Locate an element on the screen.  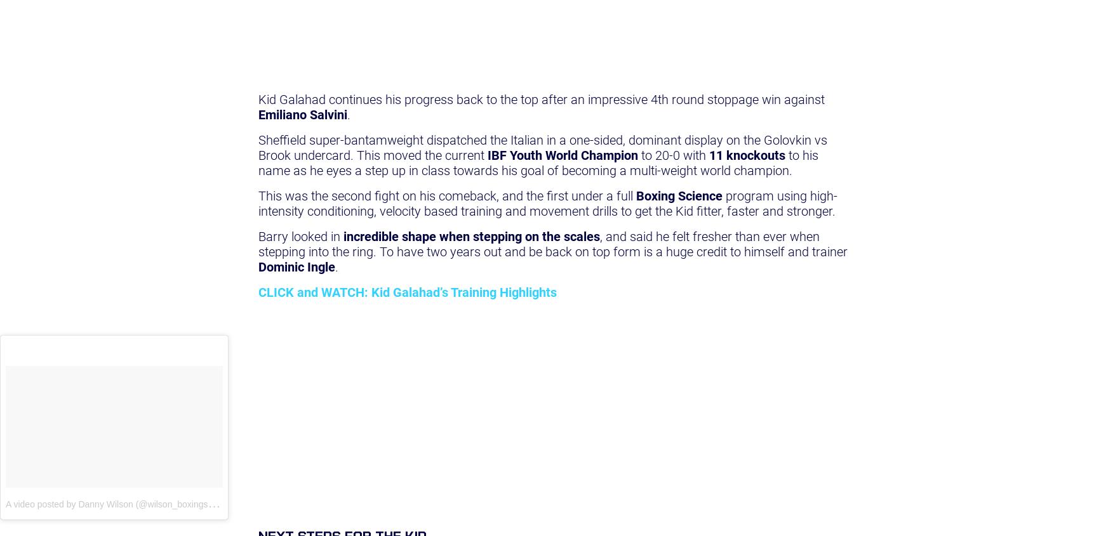
'Dominic Ingle' is located at coordinates (257, 266).